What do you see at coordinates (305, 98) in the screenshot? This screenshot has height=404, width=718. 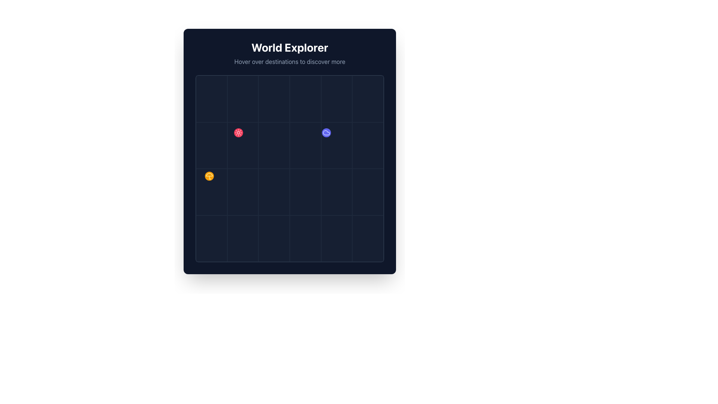 I see `the static grid cell or placeholder located in the first row and fourth column of the grid within the 'World Explorer' frame to interact with it` at bounding box center [305, 98].